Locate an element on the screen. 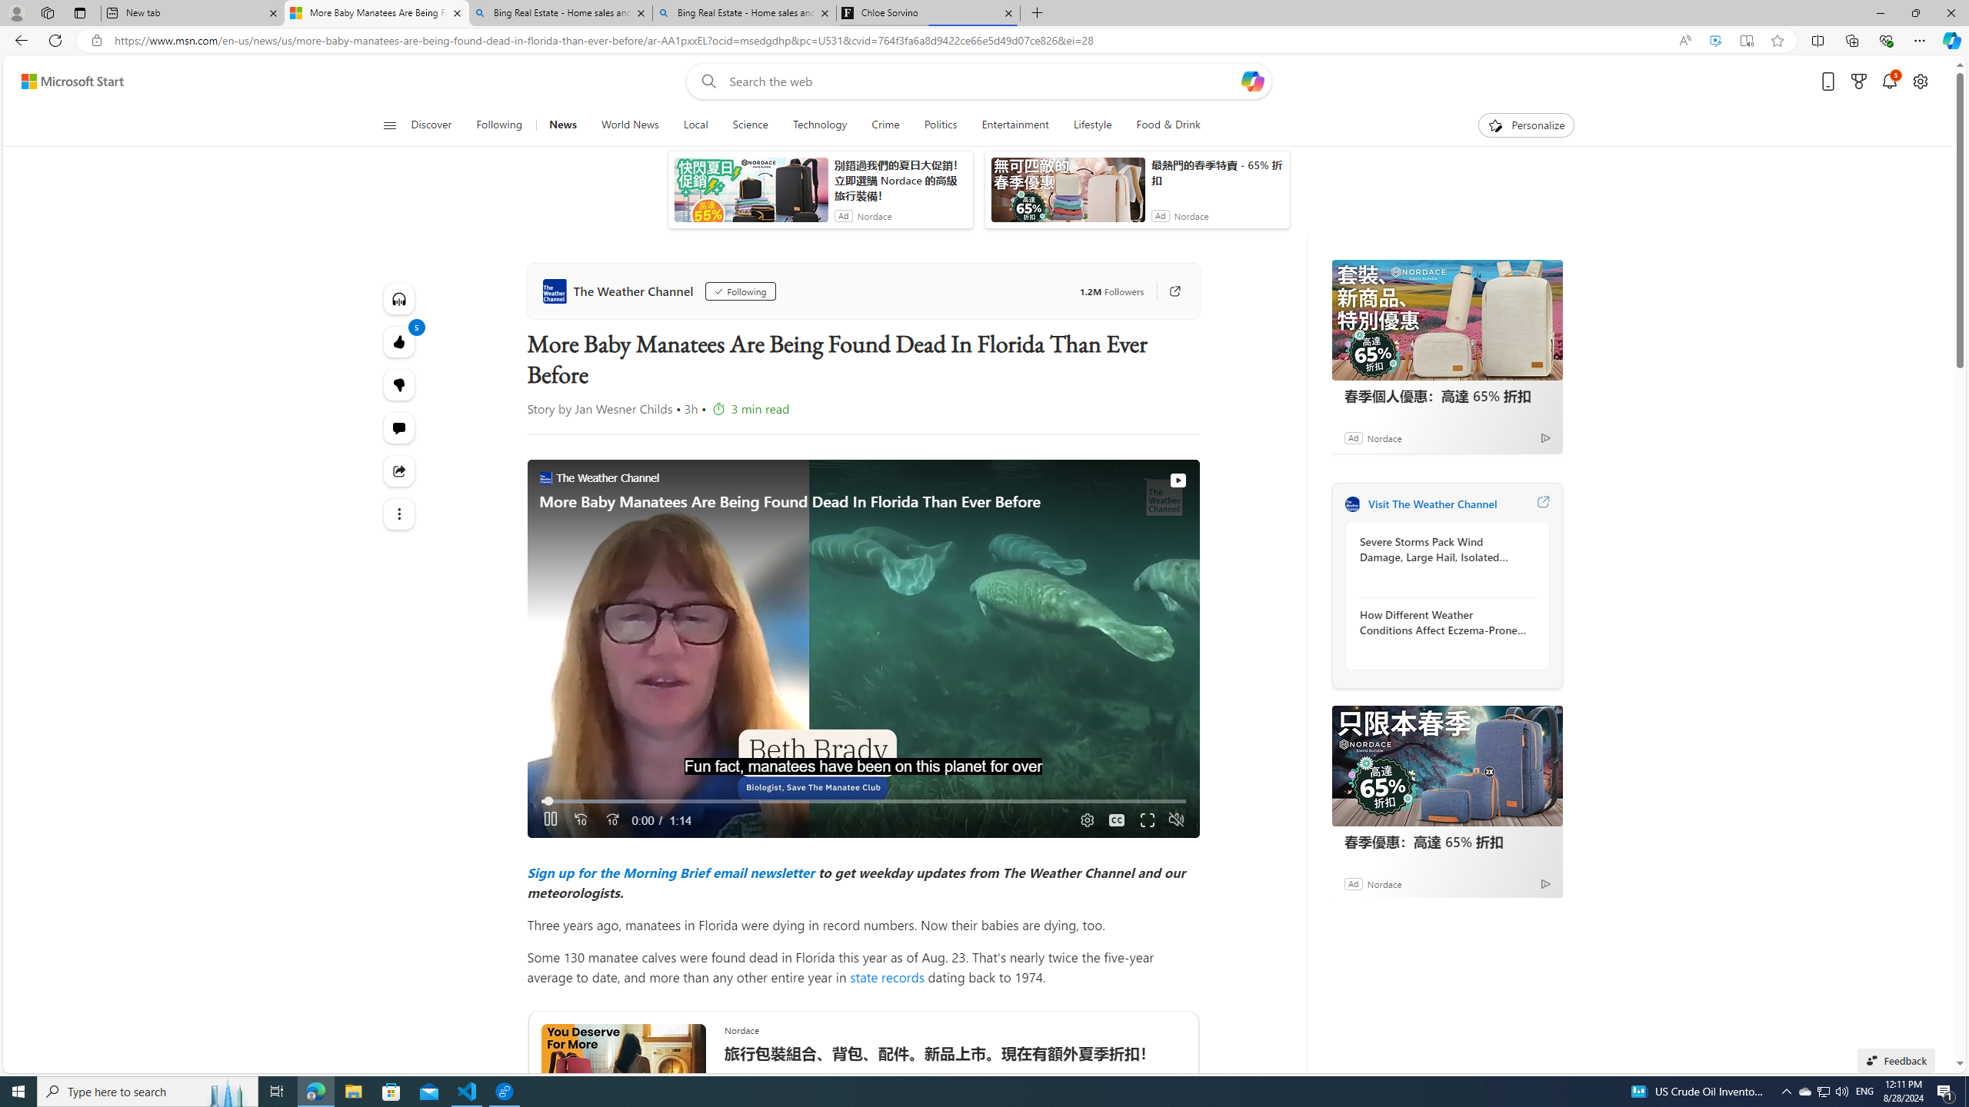 The height and width of the screenshot is (1107, 1969). 'More like this5Fewer like thisStart the conversation' is located at coordinates (398, 385).